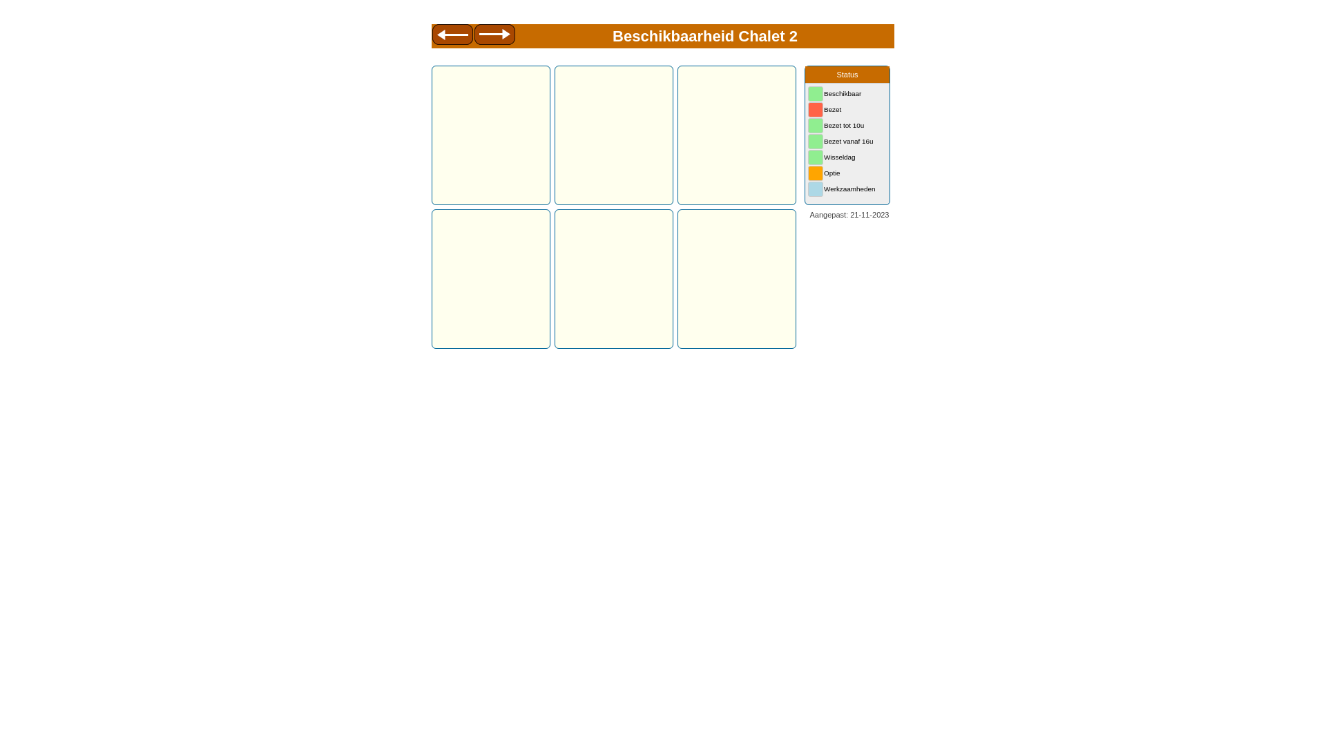 This screenshot has width=1326, height=746. What do you see at coordinates (494, 36) in the screenshot?
I see `'Volgende maanden'` at bounding box center [494, 36].